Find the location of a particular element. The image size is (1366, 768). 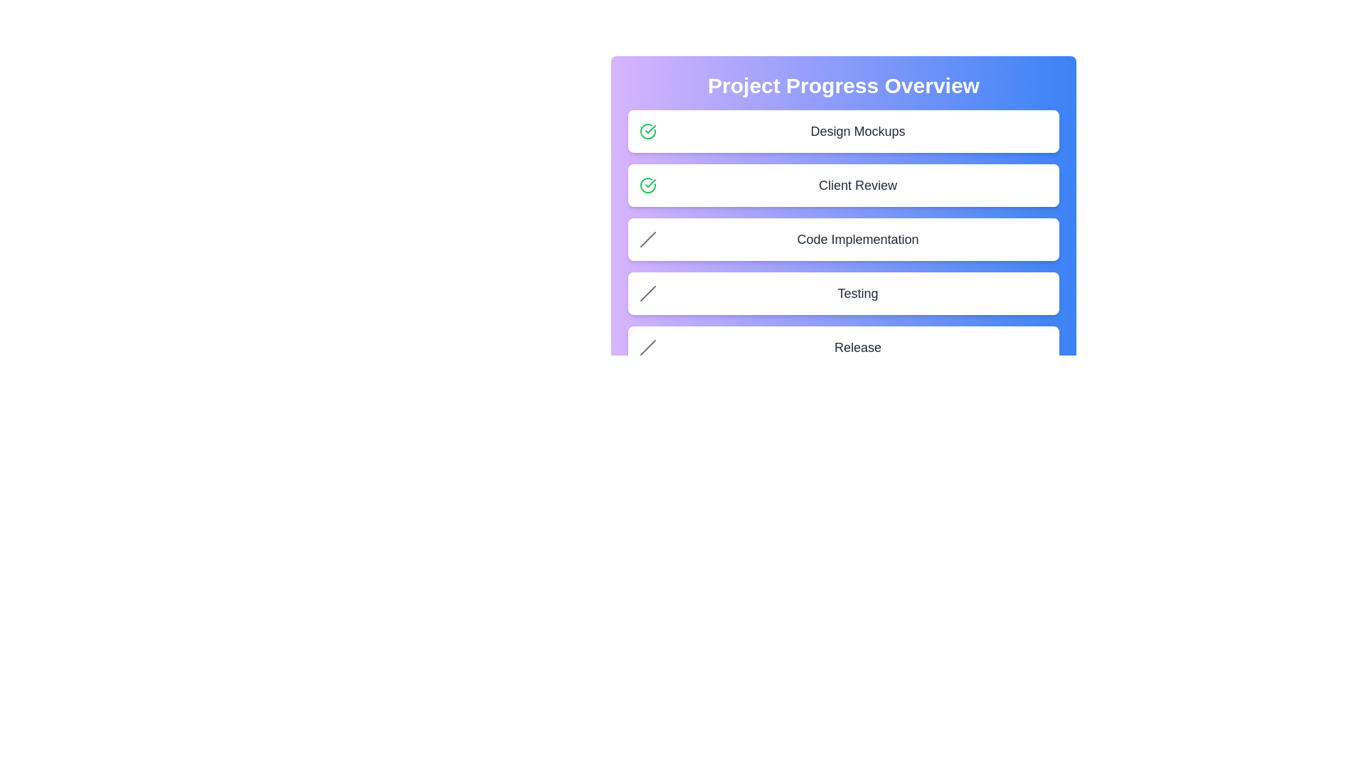

the icon indicator of the completed task card representing 'Client Review' in the Project Progress Overview, located below 'Design Mockups' is located at coordinates (843, 185).